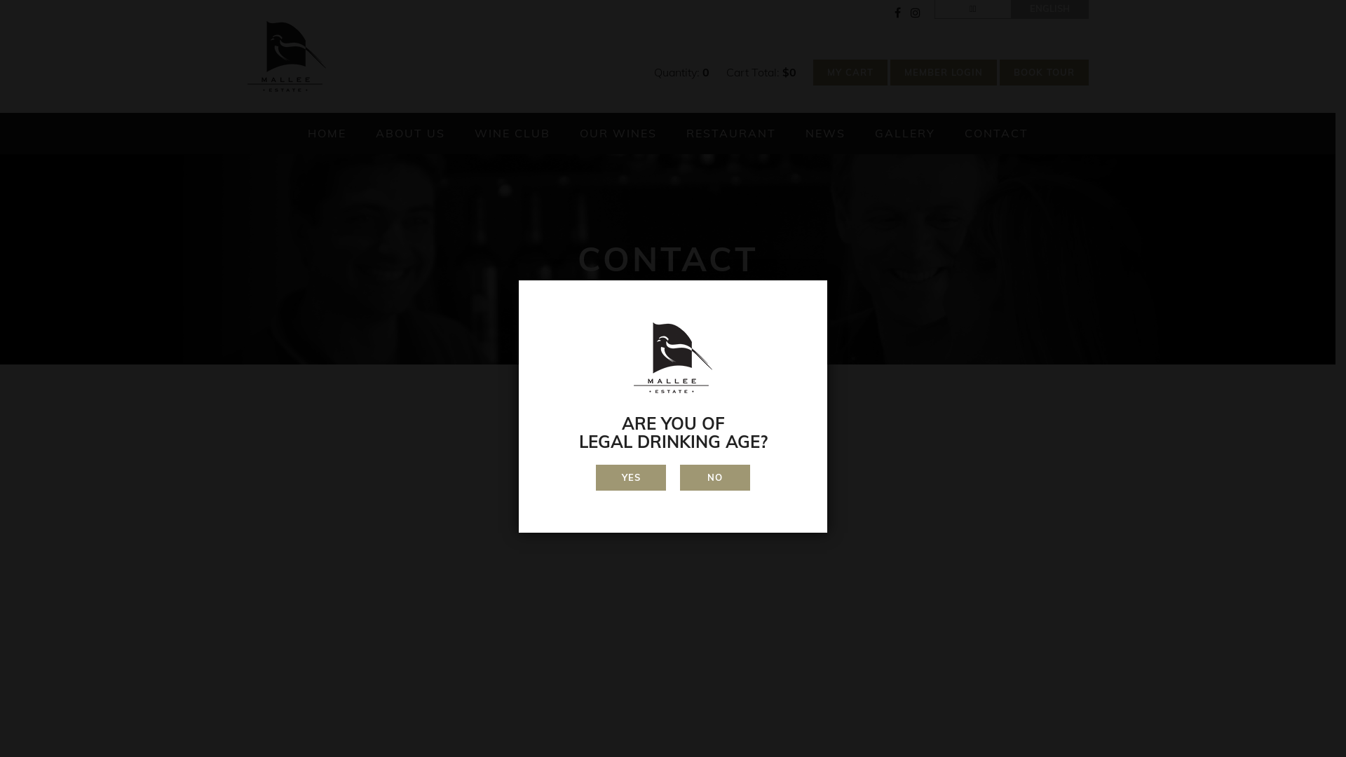 The height and width of the screenshot is (757, 1346). I want to click on 'WINE CLUB', so click(510, 133).